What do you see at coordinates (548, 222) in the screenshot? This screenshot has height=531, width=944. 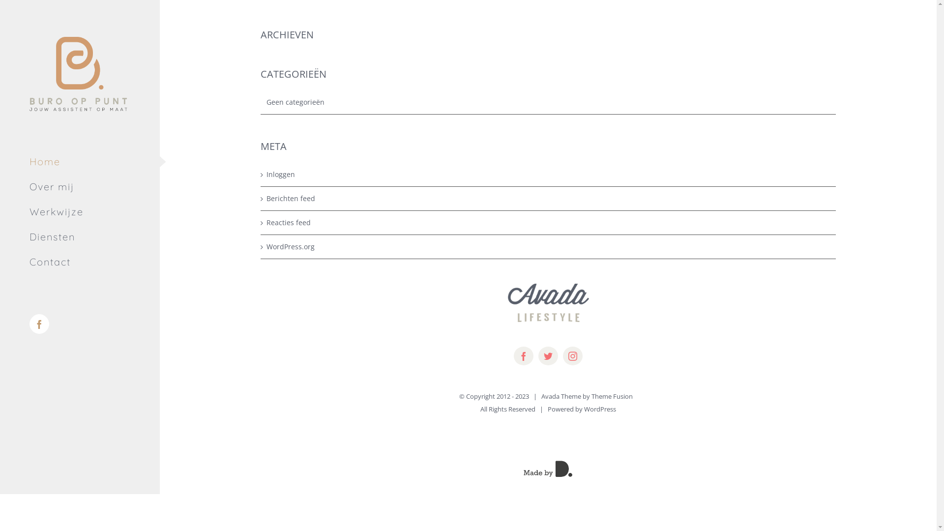 I see `'Reacties feed'` at bounding box center [548, 222].